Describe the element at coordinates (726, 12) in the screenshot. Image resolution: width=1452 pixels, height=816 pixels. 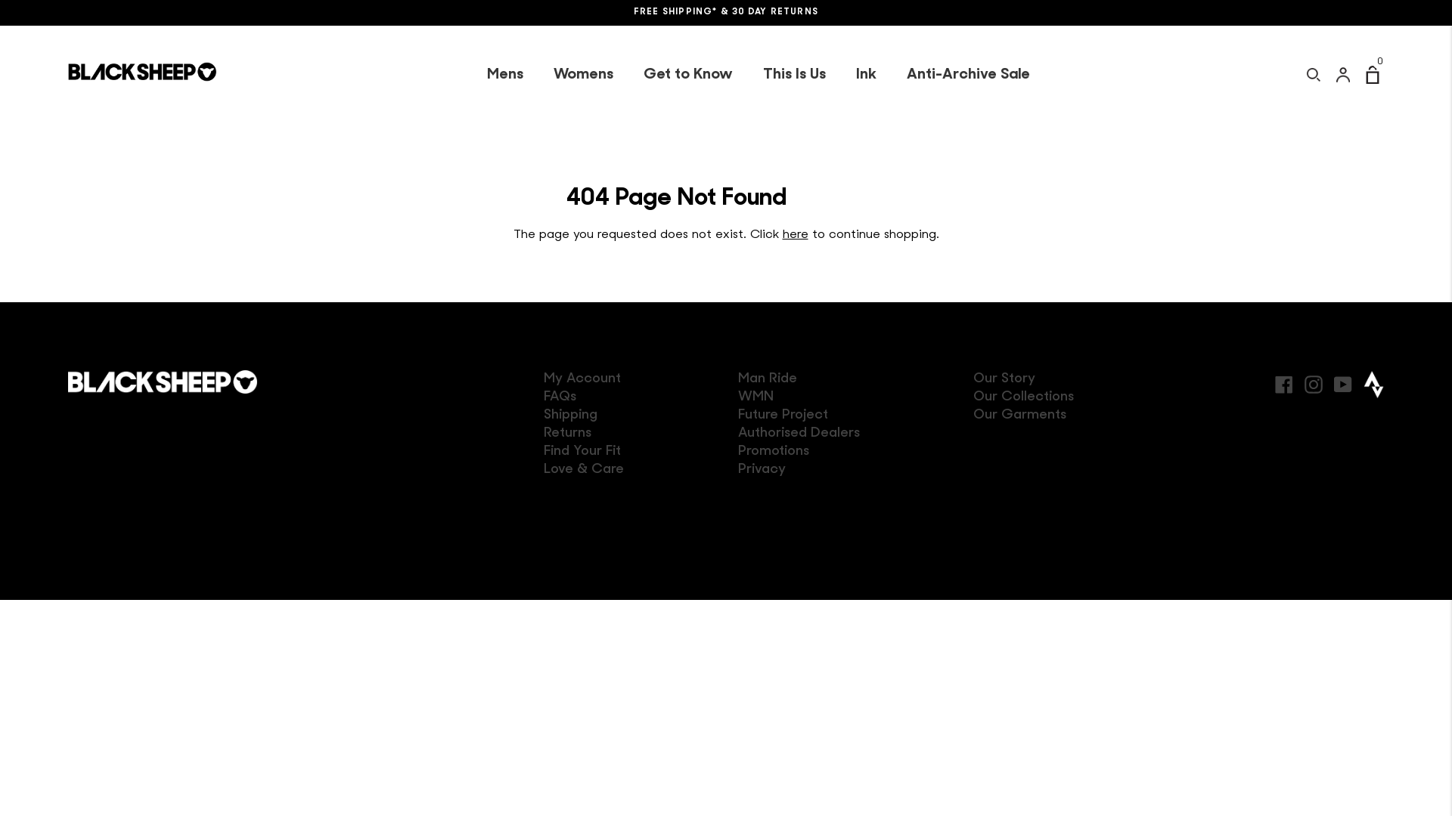
I see `'FREE SHIPPING* & 30 DAY RETURNS'` at that location.